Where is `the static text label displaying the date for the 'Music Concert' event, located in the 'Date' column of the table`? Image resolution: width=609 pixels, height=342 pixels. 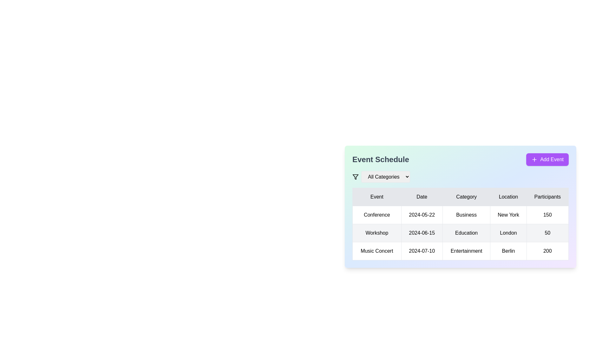 the static text label displaying the date for the 'Music Concert' event, located in the 'Date' column of the table is located at coordinates (422, 251).